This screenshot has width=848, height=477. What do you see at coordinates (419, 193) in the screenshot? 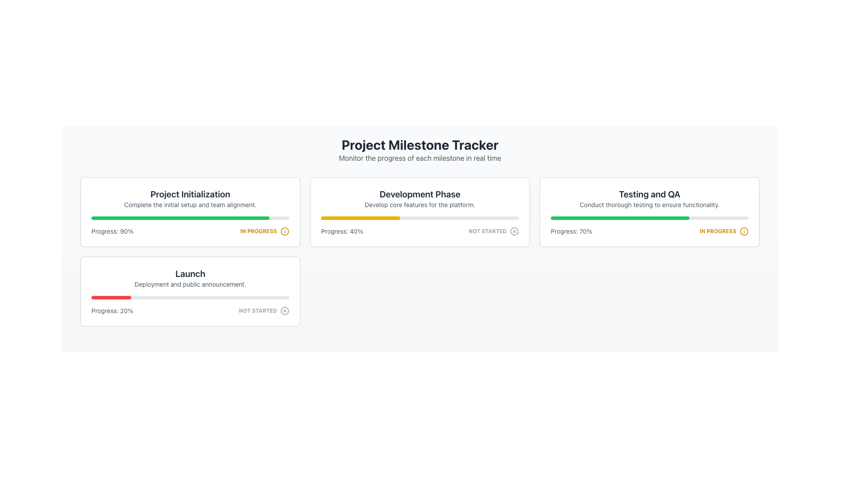
I see `text of the prominent black text label that says 'Development Phase', located at the top center of the milestone card` at bounding box center [419, 193].